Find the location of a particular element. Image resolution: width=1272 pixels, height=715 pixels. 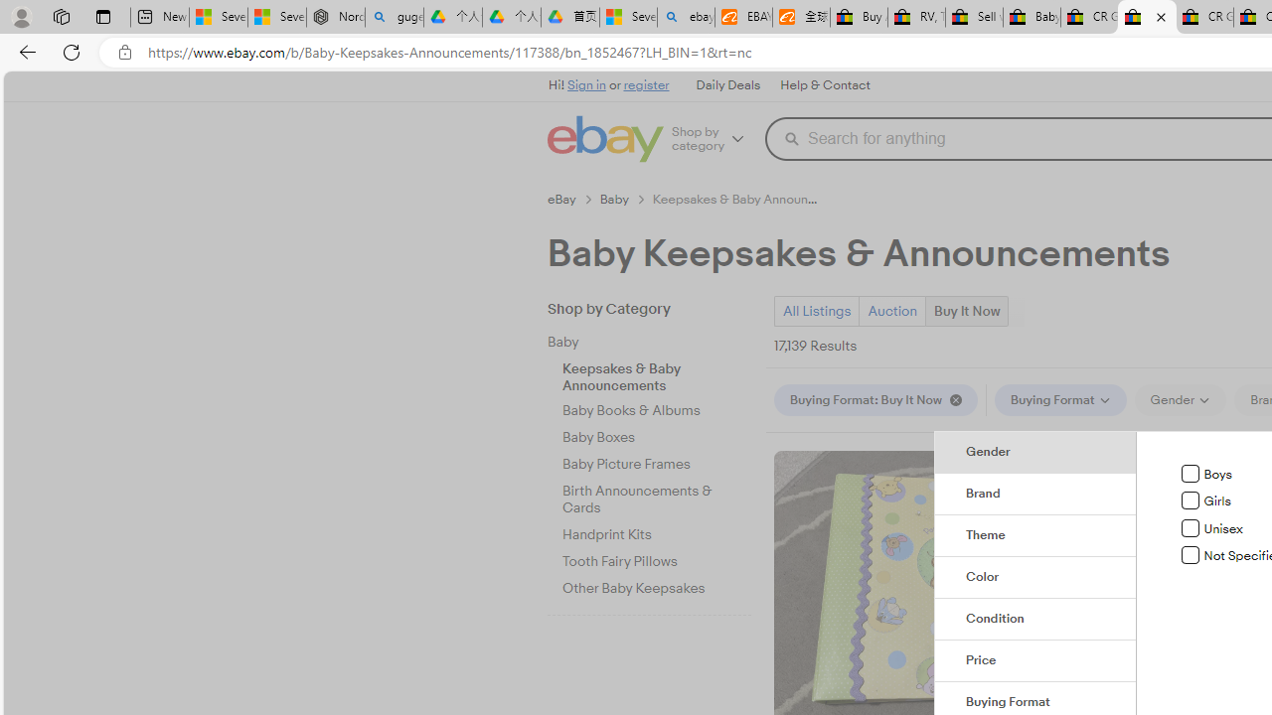

'View site information' is located at coordinates (124, 52).